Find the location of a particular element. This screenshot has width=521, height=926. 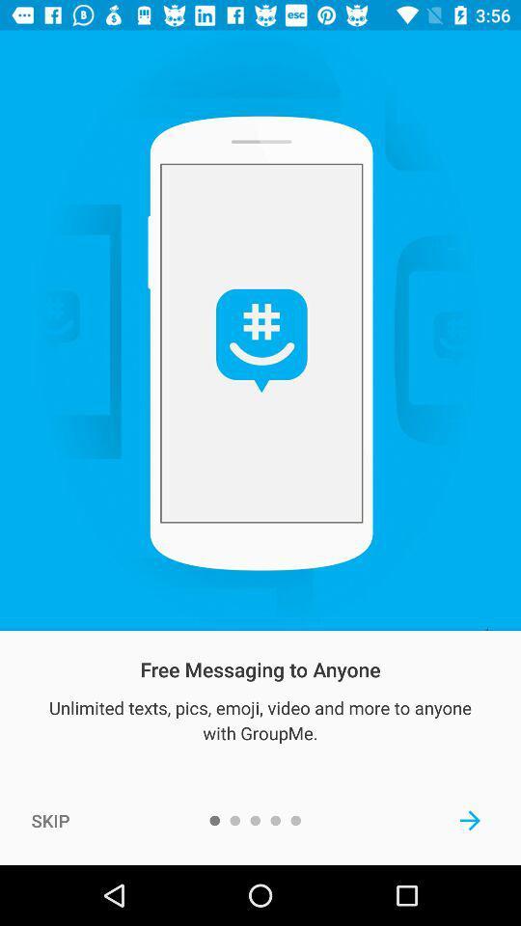

sign up is located at coordinates (469, 819).